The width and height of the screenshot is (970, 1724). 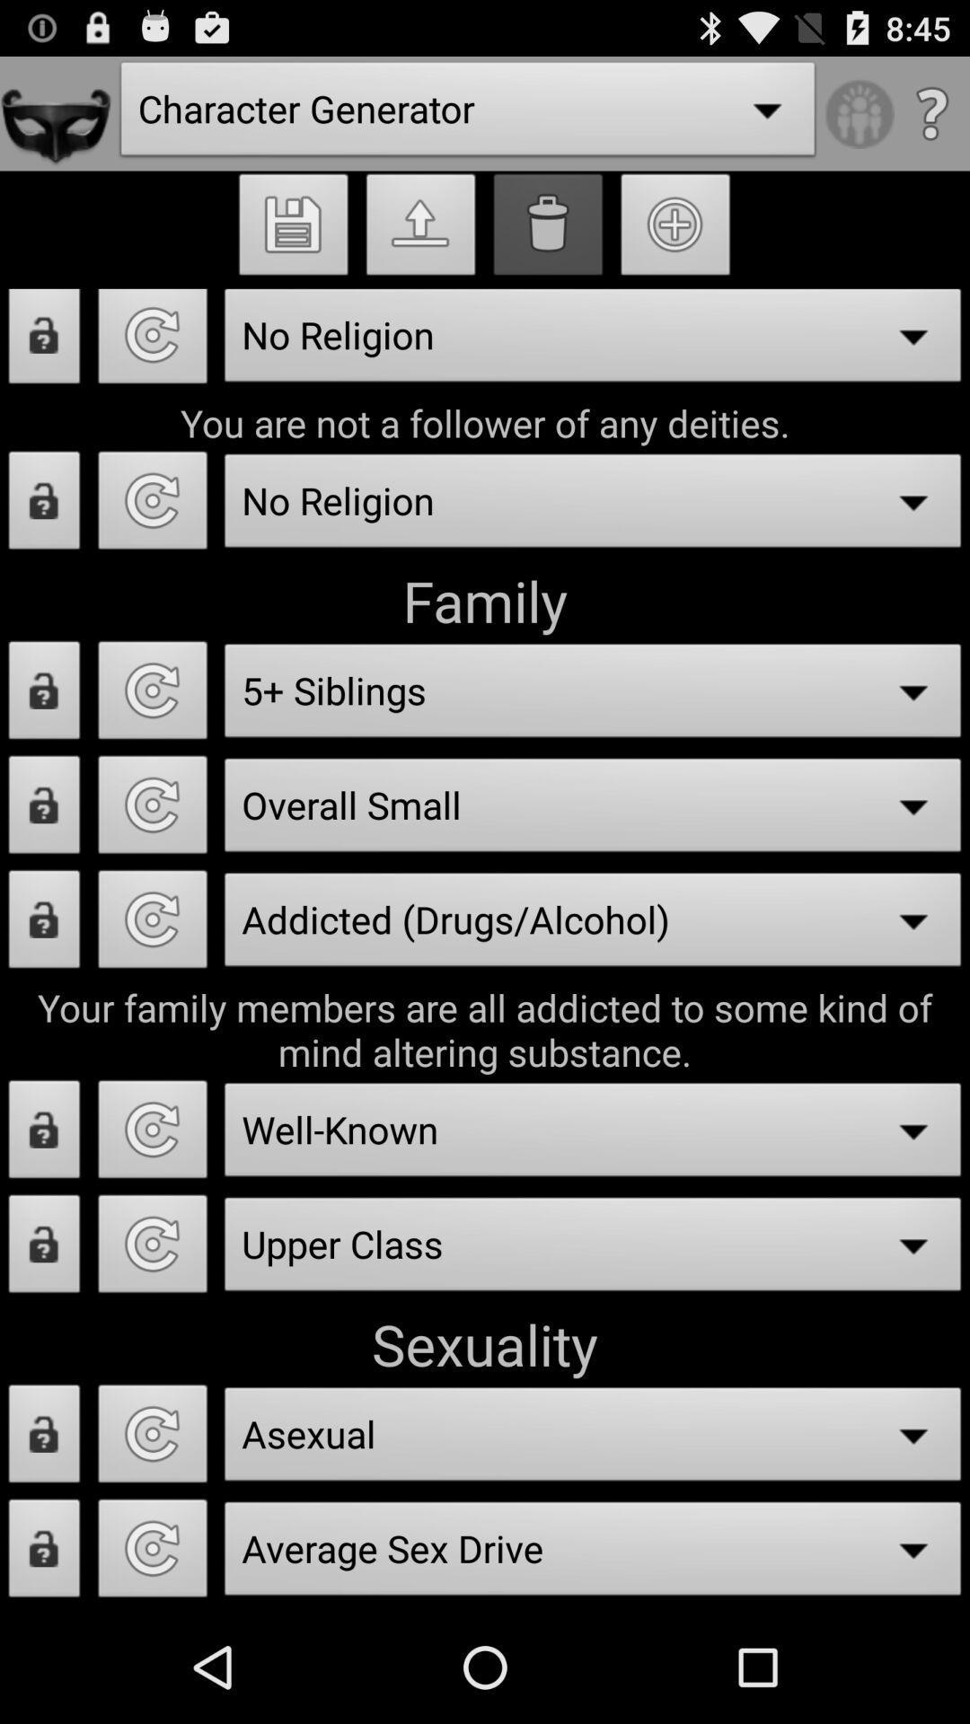 I want to click on refresh, so click(x=152, y=924).